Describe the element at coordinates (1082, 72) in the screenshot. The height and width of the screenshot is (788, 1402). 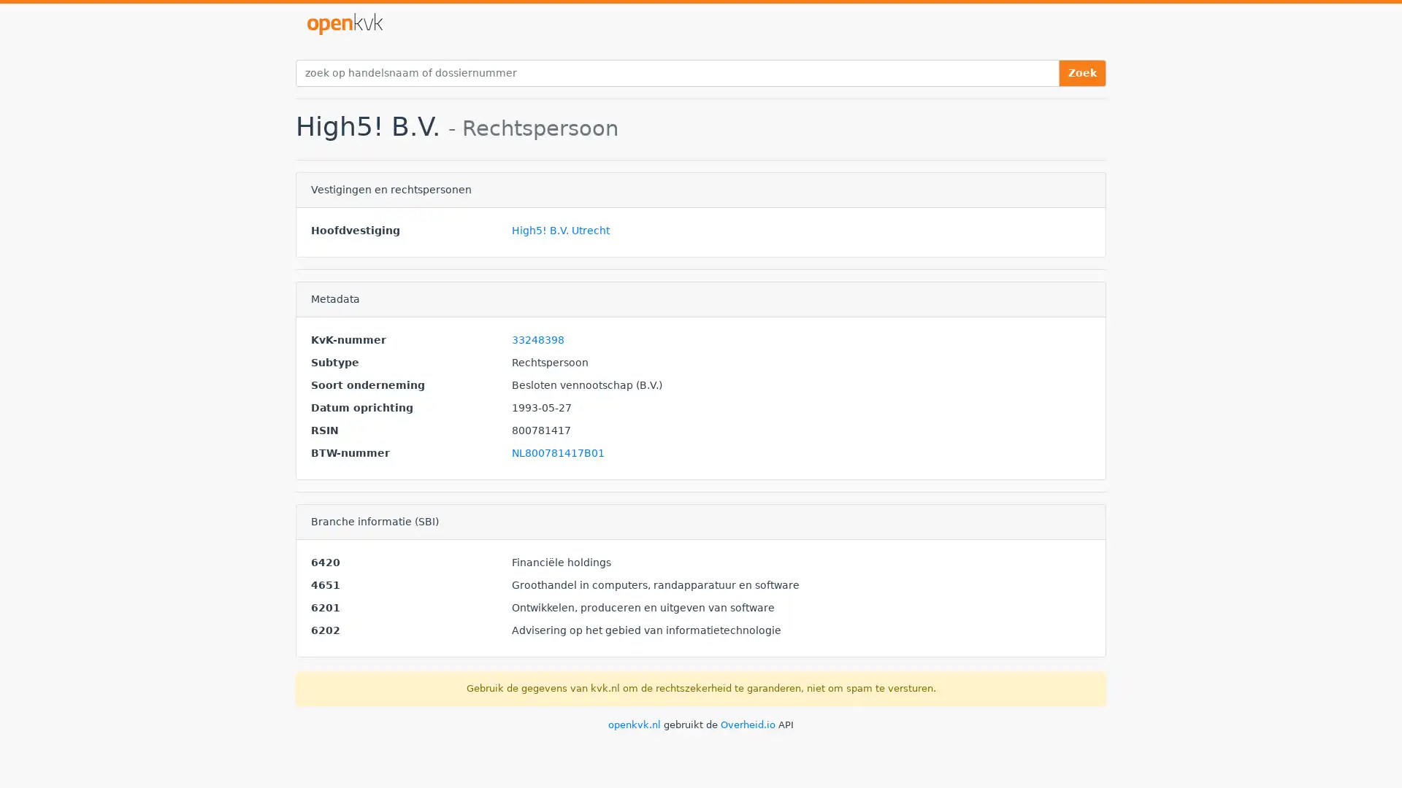
I see `Zoek` at that location.